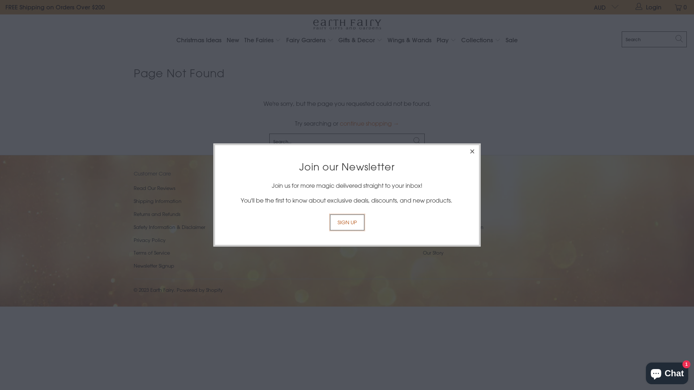 The width and height of the screenshot is (694, 390). Describe the element at coordinates (649, 7) in the screenshot. I see `'Login'` at that location.